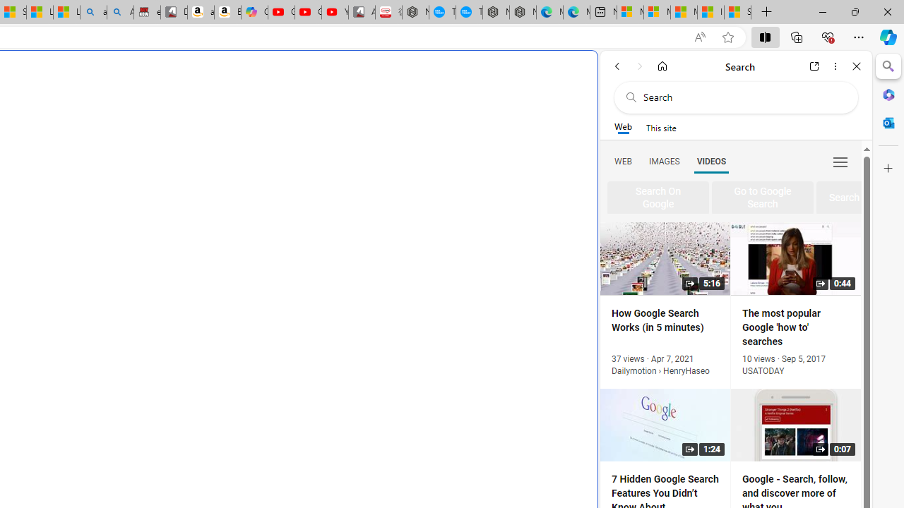 This screenshot has height=508, width=904. I want to click on 'Customize', so click(888, 168).